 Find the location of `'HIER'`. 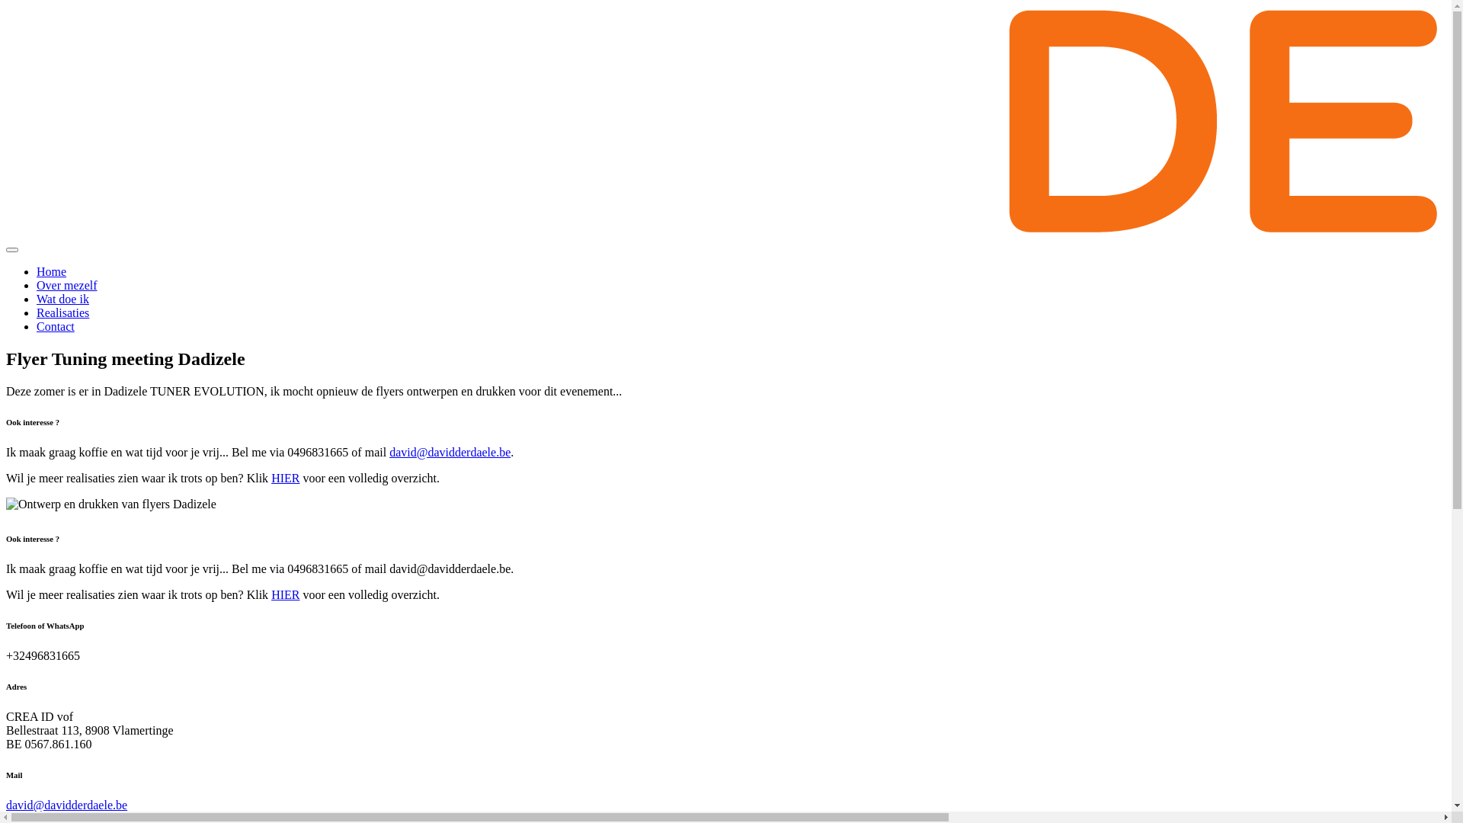

'HIER' is located at coordinates (285, 477).